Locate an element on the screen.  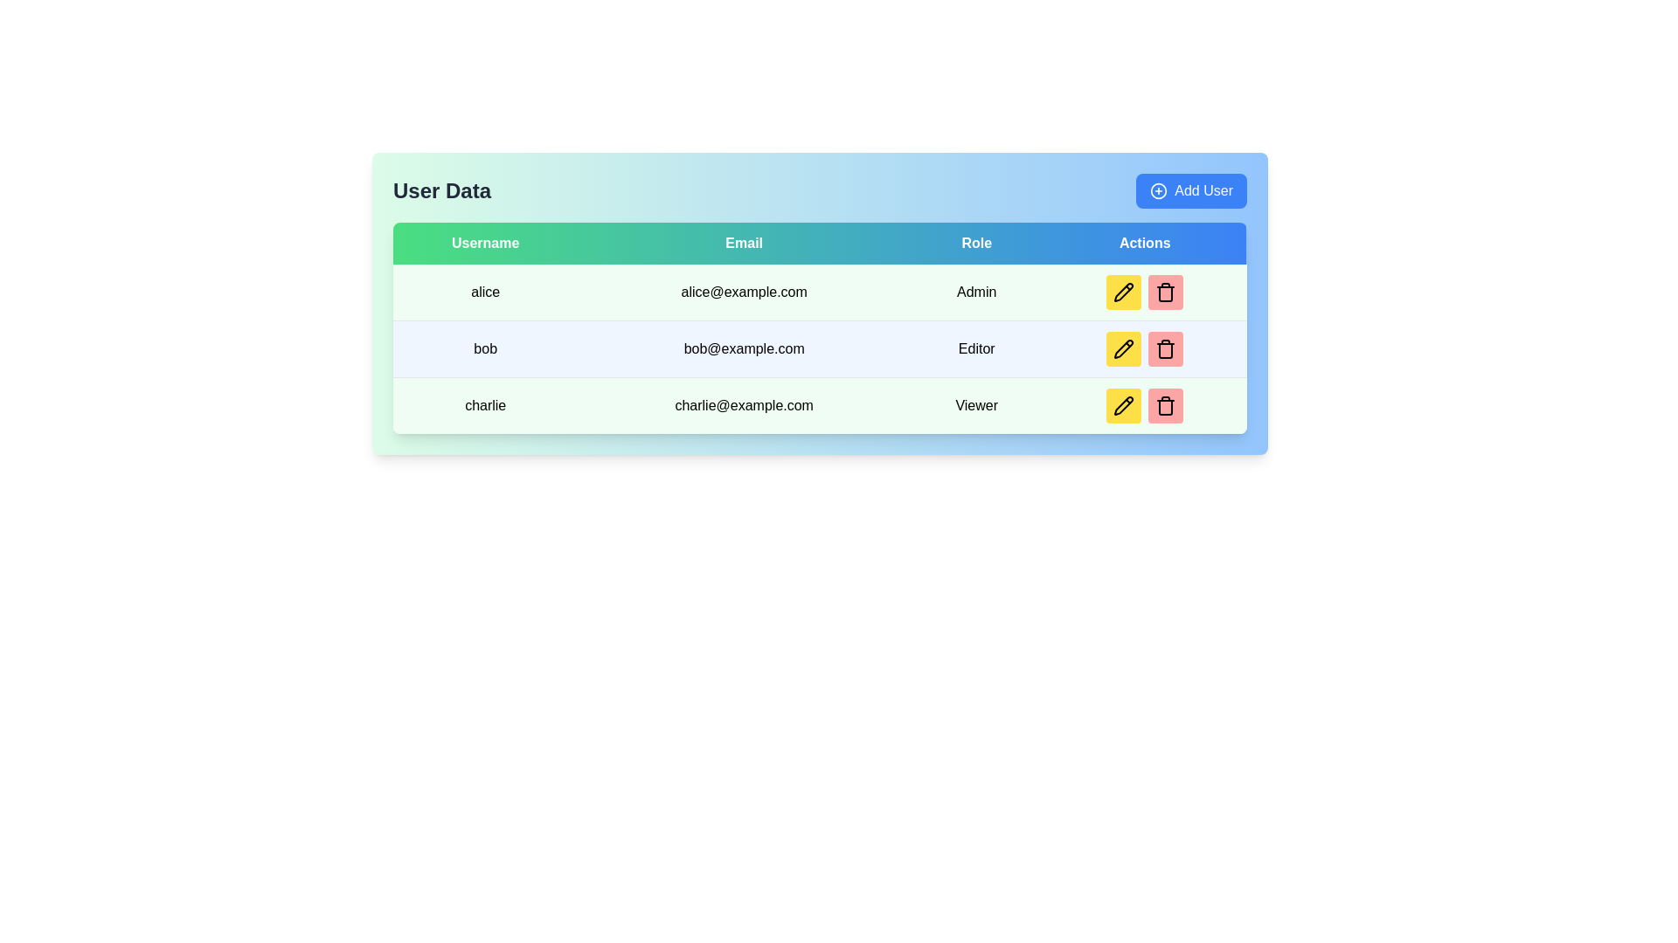
the 'Username' text display element, which features a green background and white text, located at the top-left corner of the header list in the table is located at coordinates (485, 243).